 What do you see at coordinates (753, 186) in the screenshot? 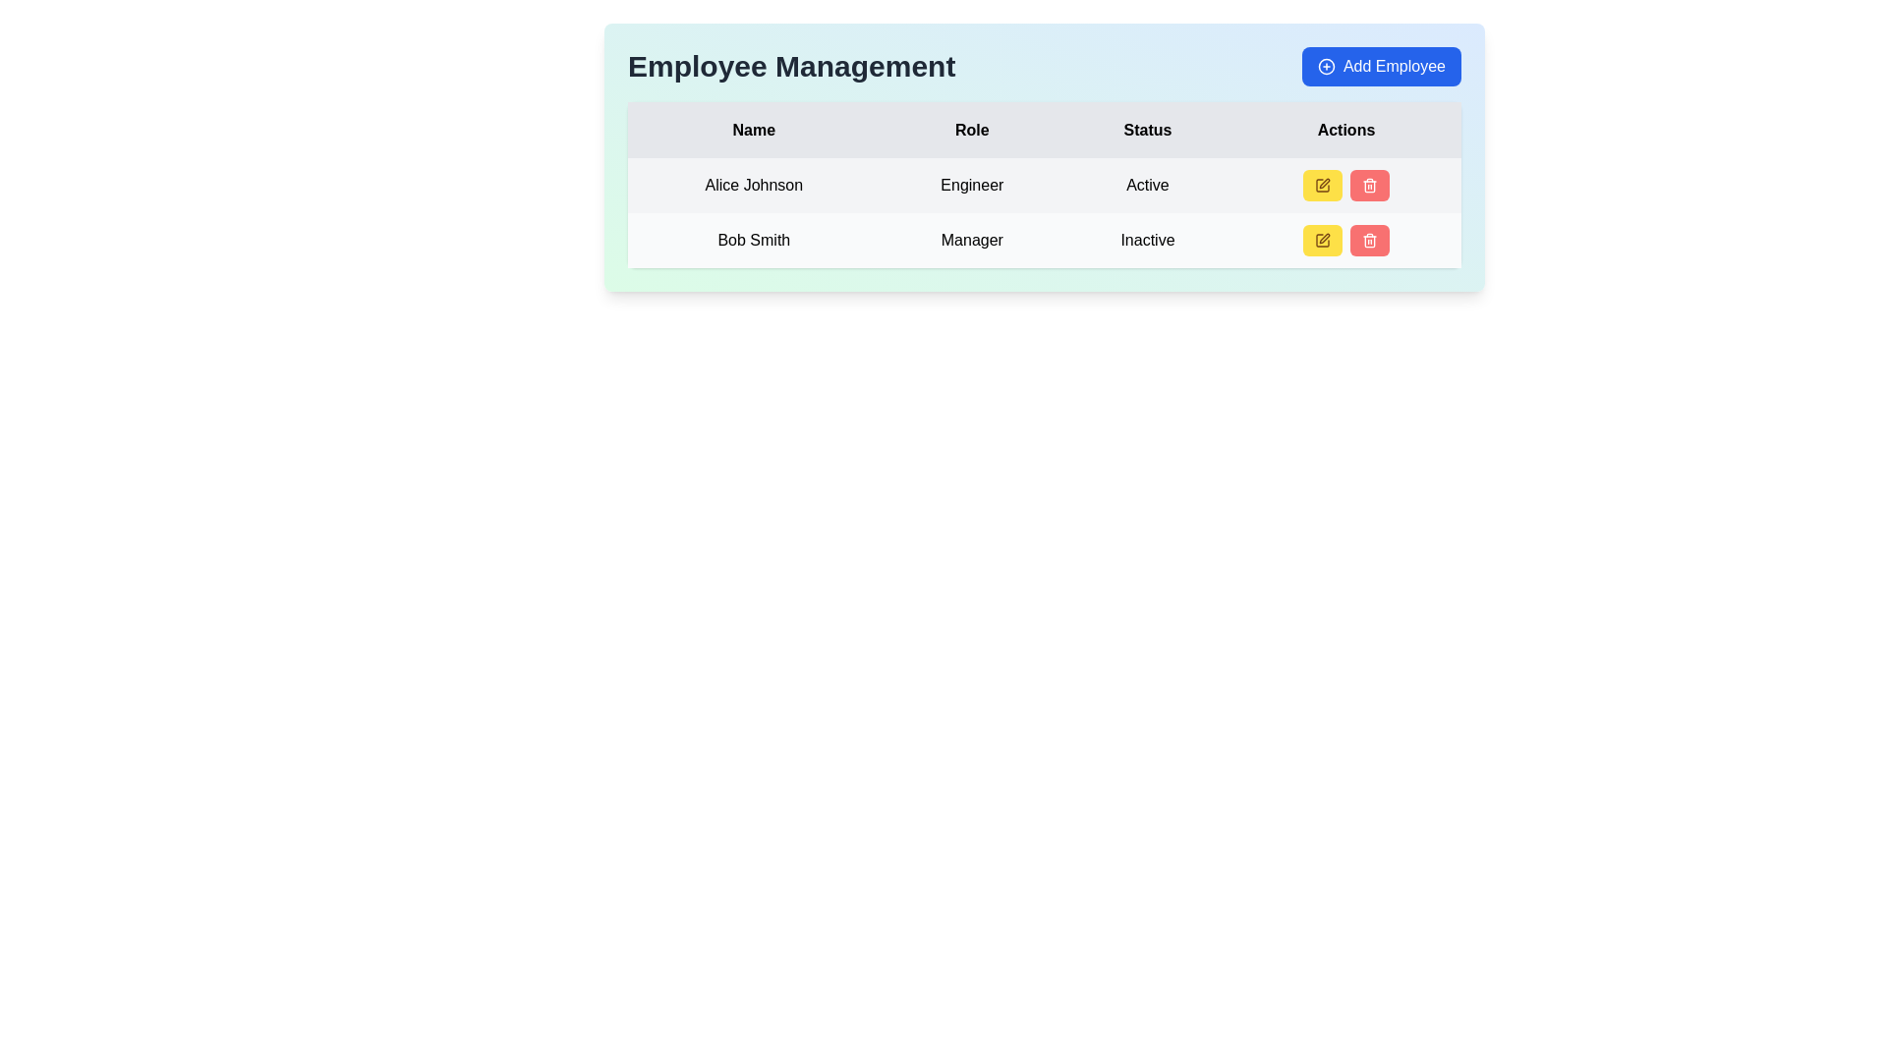
I see `the text label displaying 'Alice Johnson' in the first row under the 'Name' column of the employee management table` at bounding box center [753, 186].